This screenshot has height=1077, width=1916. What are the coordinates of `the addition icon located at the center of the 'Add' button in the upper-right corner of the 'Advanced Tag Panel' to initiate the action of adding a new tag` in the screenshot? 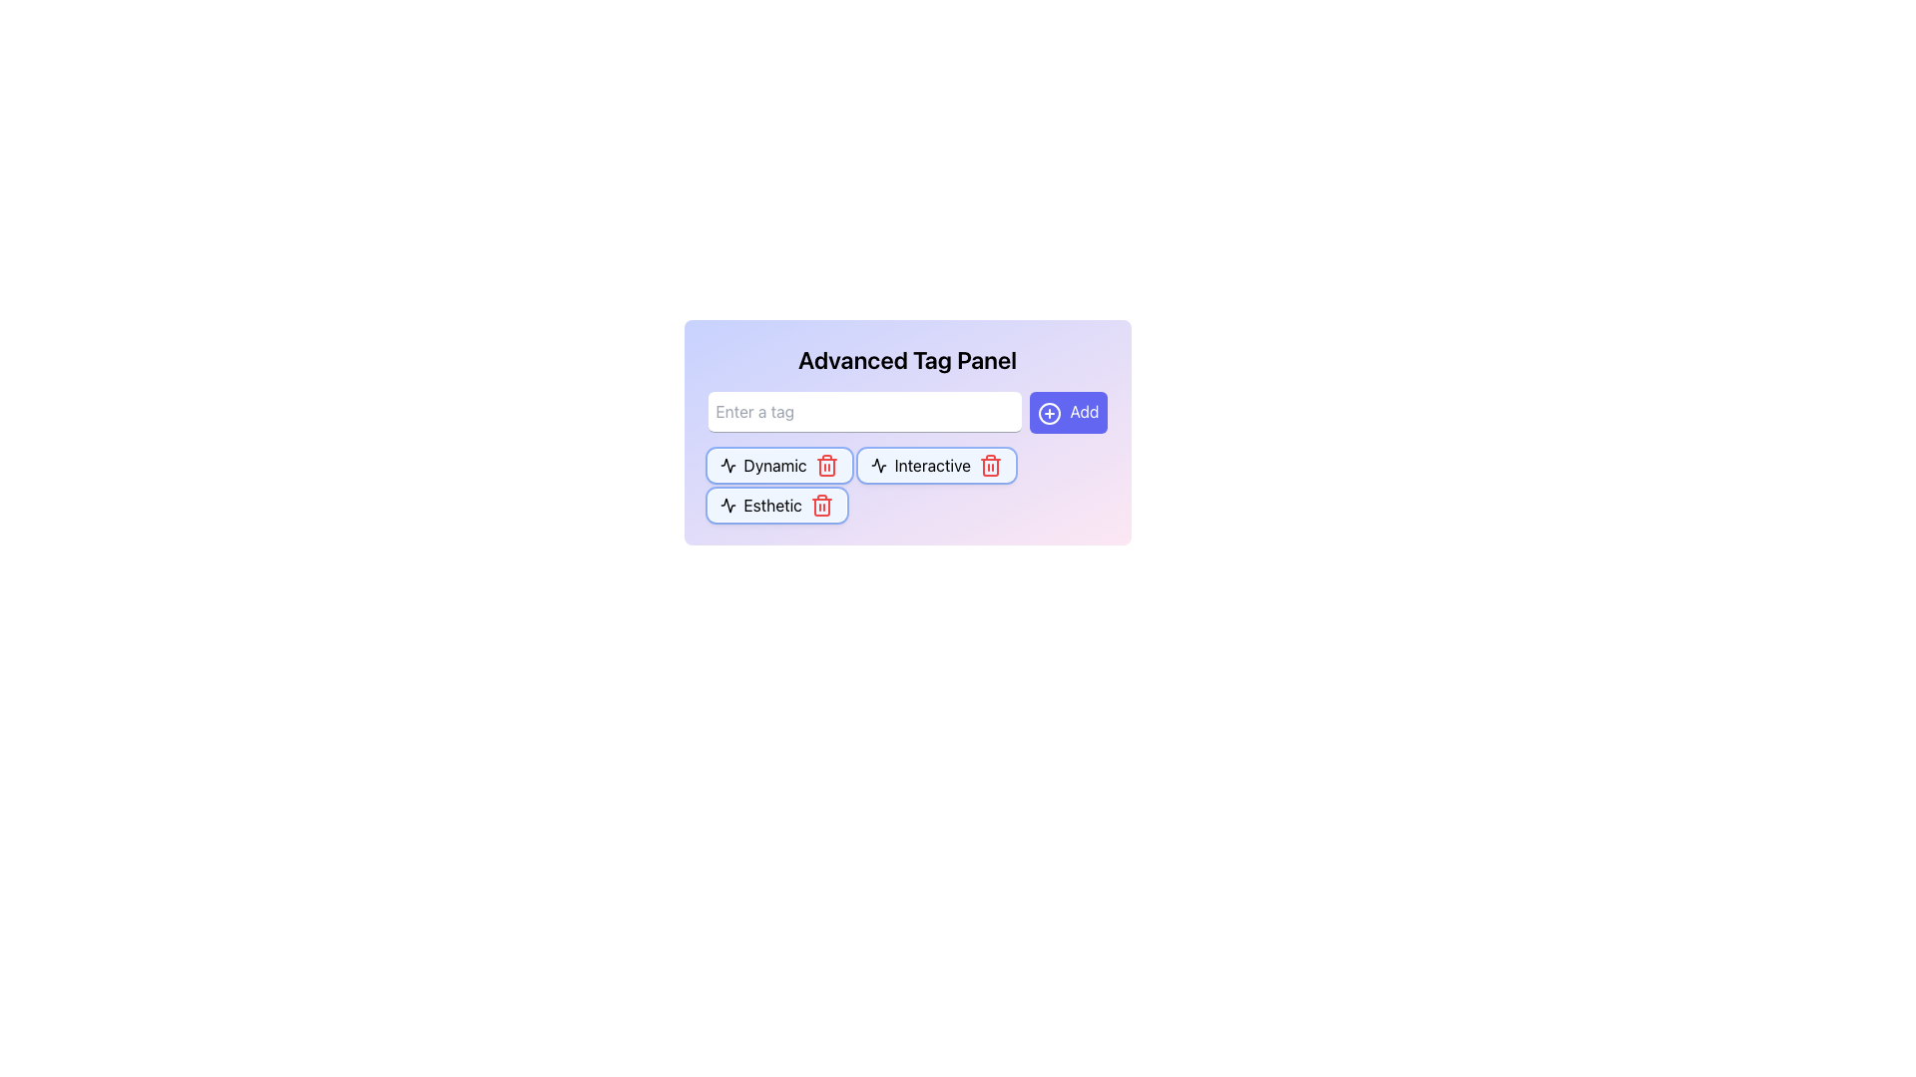 It's located at (1049, 412).